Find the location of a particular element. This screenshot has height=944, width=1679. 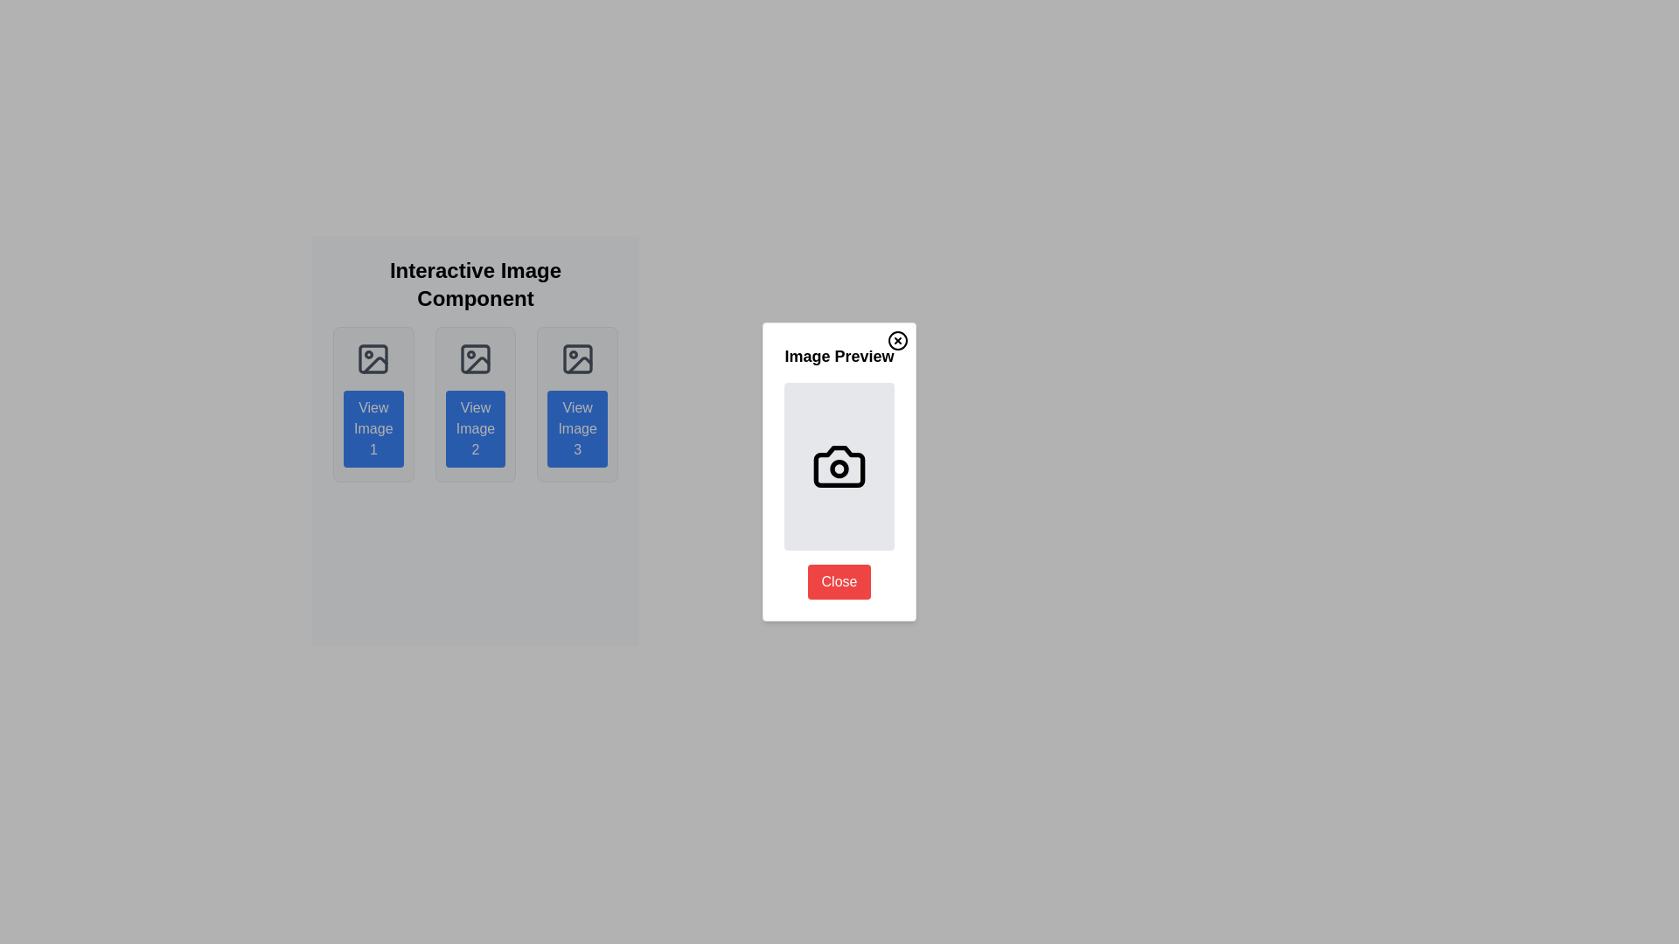

the rightmost button below the image icon in the 'Interactive Image Component' section is located at coordinates (577, 428).